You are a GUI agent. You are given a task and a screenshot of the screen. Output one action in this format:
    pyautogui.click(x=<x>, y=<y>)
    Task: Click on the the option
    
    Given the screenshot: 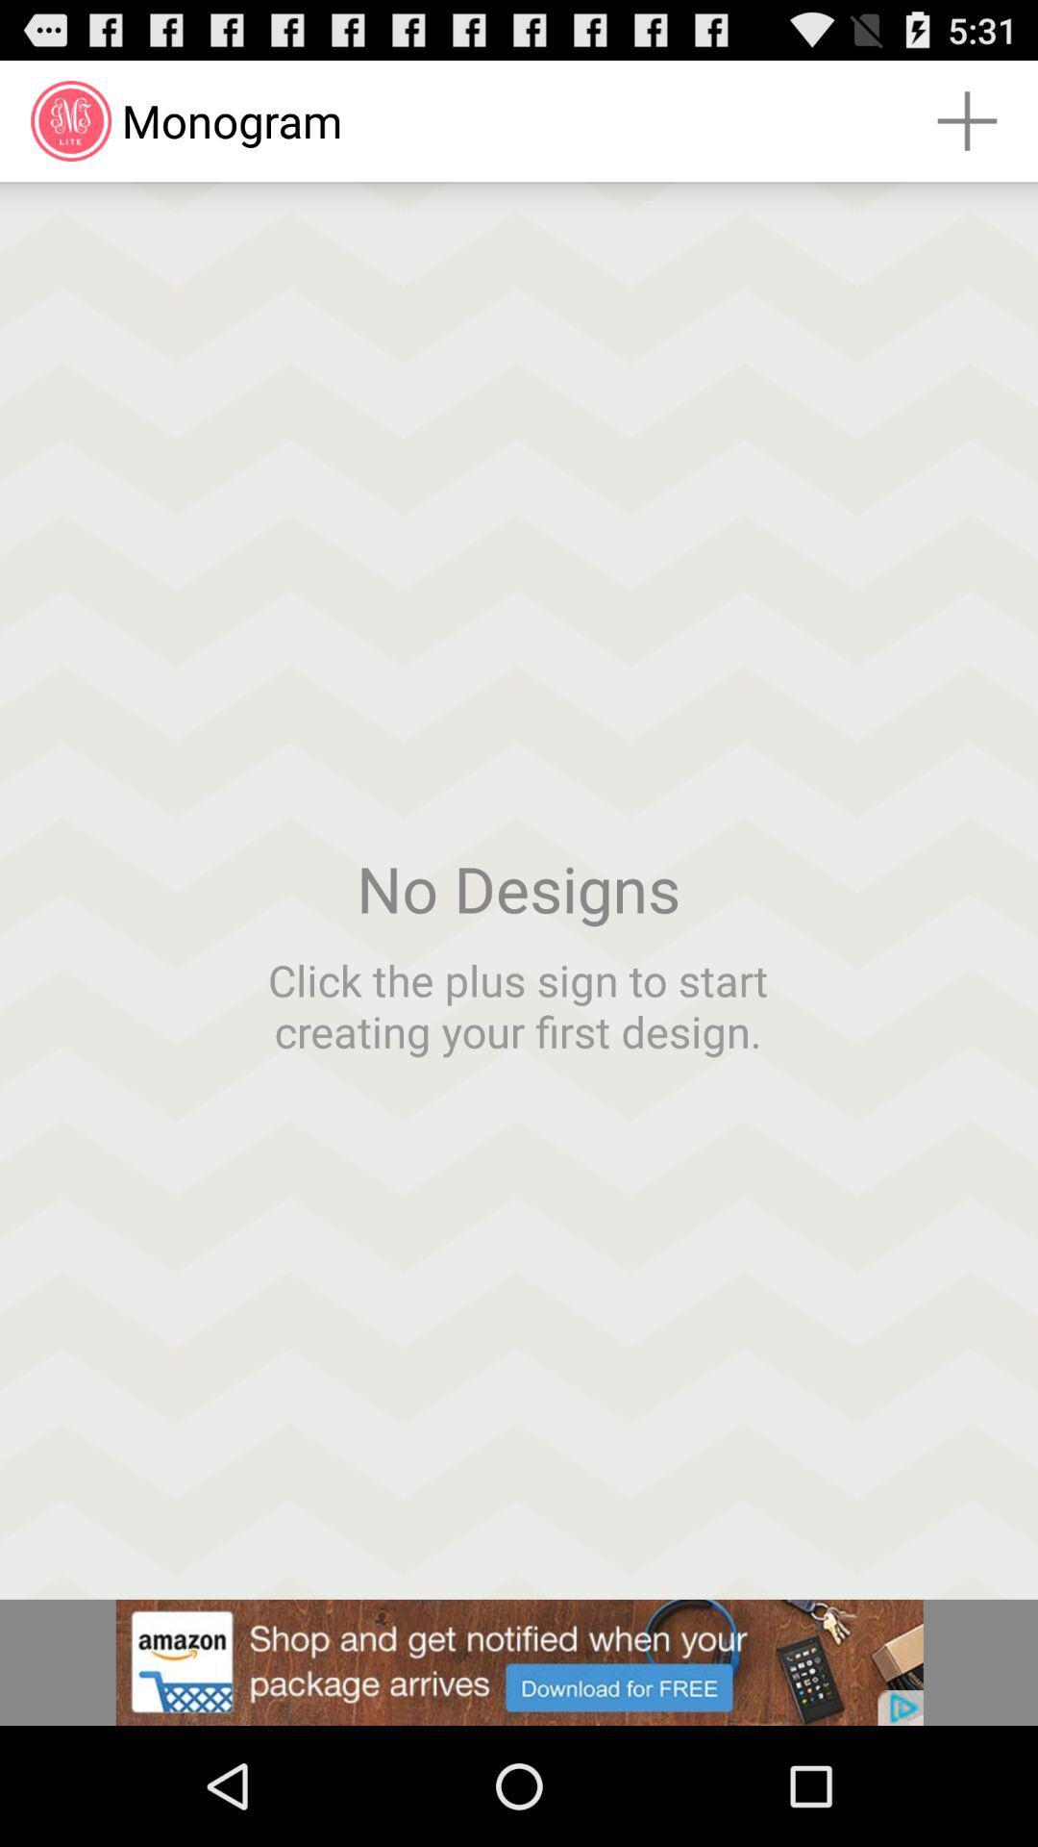 What is the action you would take?
    pyautogui.click(x=519, y=1661)
    